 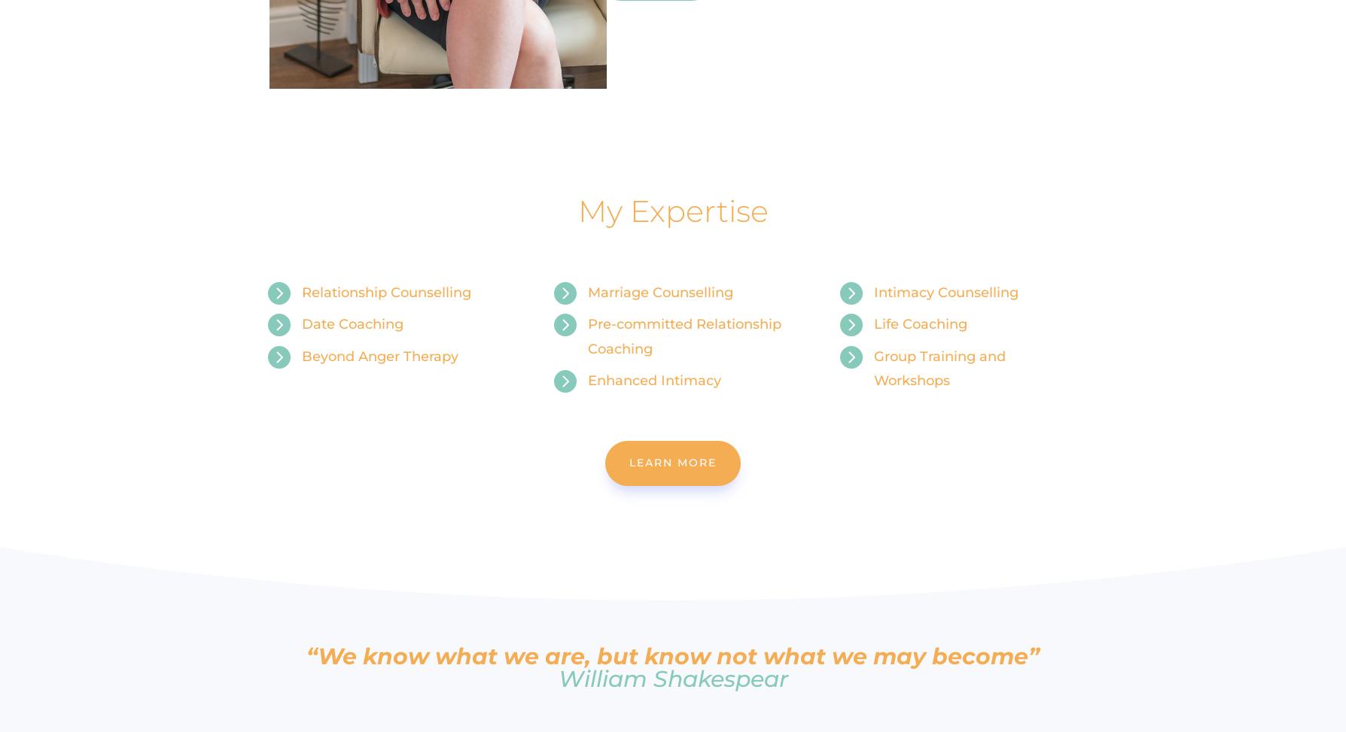 What do you see at coordinates (918, 324) in the screenshot?
I see `'Life Coaching'` at bounding box center [918, 324].